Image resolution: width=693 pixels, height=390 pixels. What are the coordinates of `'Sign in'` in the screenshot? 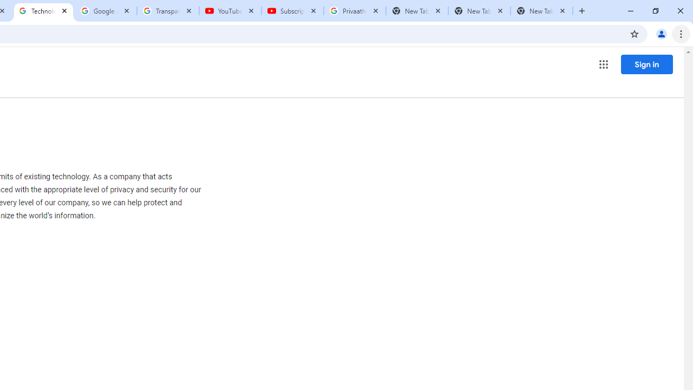 It's located at (646, 64).